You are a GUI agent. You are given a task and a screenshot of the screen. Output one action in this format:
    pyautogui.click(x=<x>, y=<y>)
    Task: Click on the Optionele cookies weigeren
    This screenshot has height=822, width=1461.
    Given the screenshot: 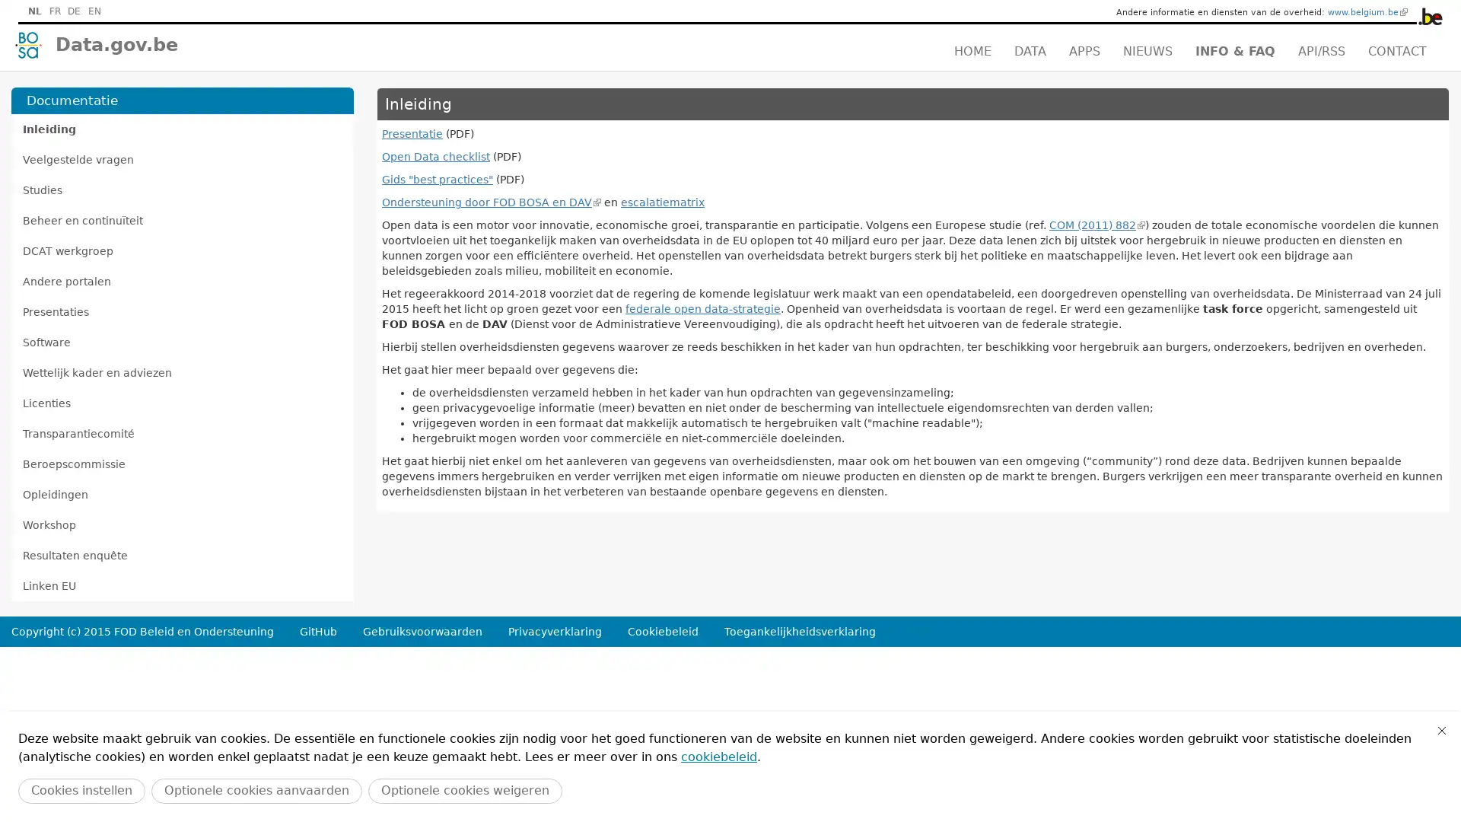 What is the action you would take?
    pyautogui.click(x=464, y=790)
    